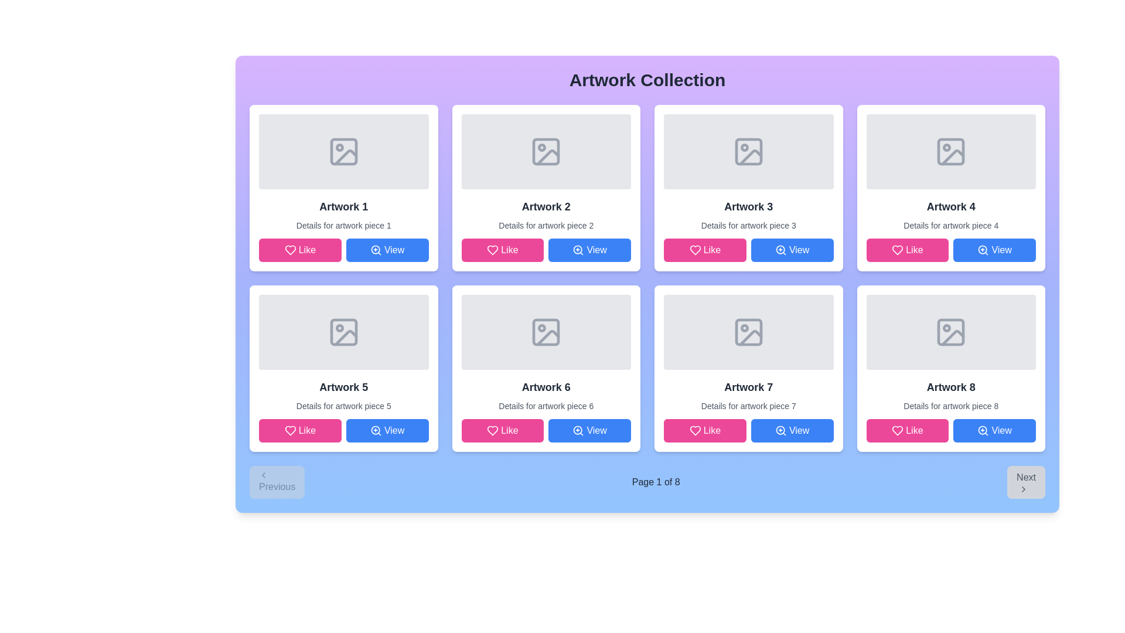 The height and width of the screenshot is (633, 1125). What do you see at coordinates (376, 250) in the screenshot?
I see `the zoom-in icon located within the blue 'View' button of the 'Artwork Collection' grid` at bounding box center [376, 250].